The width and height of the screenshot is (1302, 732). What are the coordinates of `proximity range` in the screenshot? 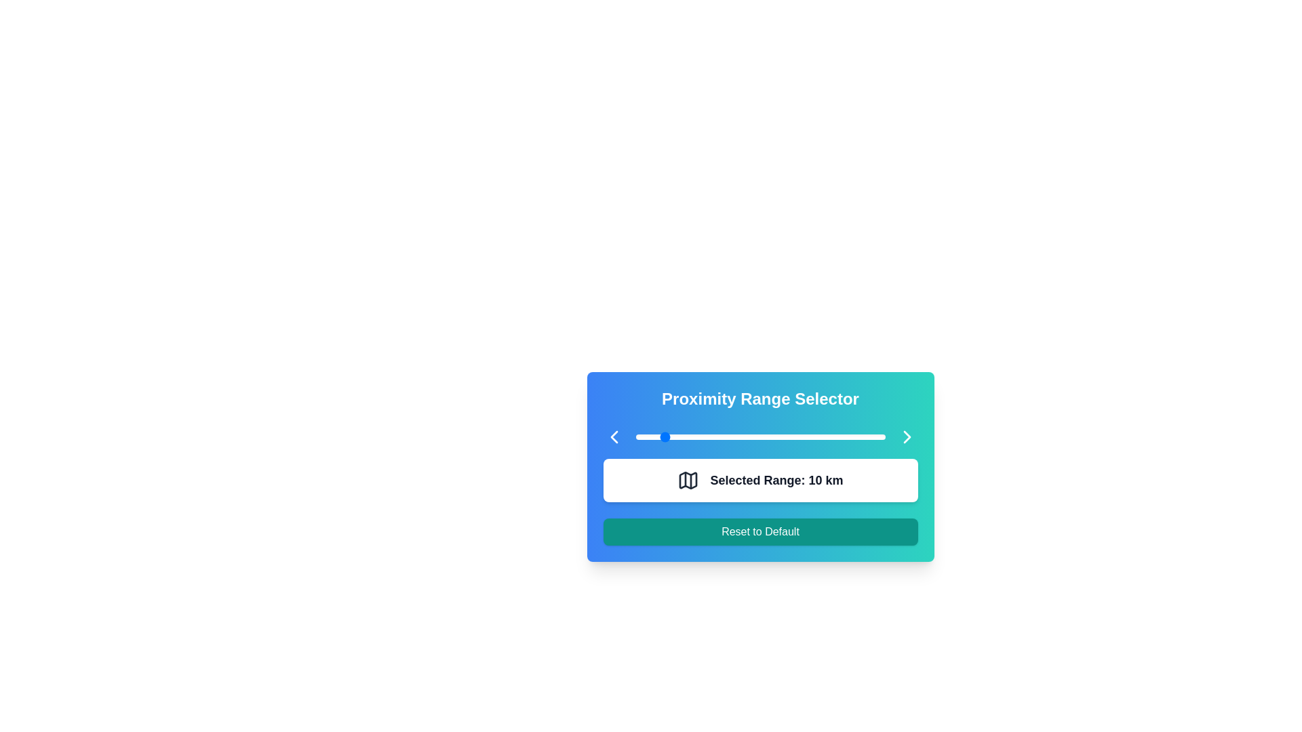 It's located at (719, 436).